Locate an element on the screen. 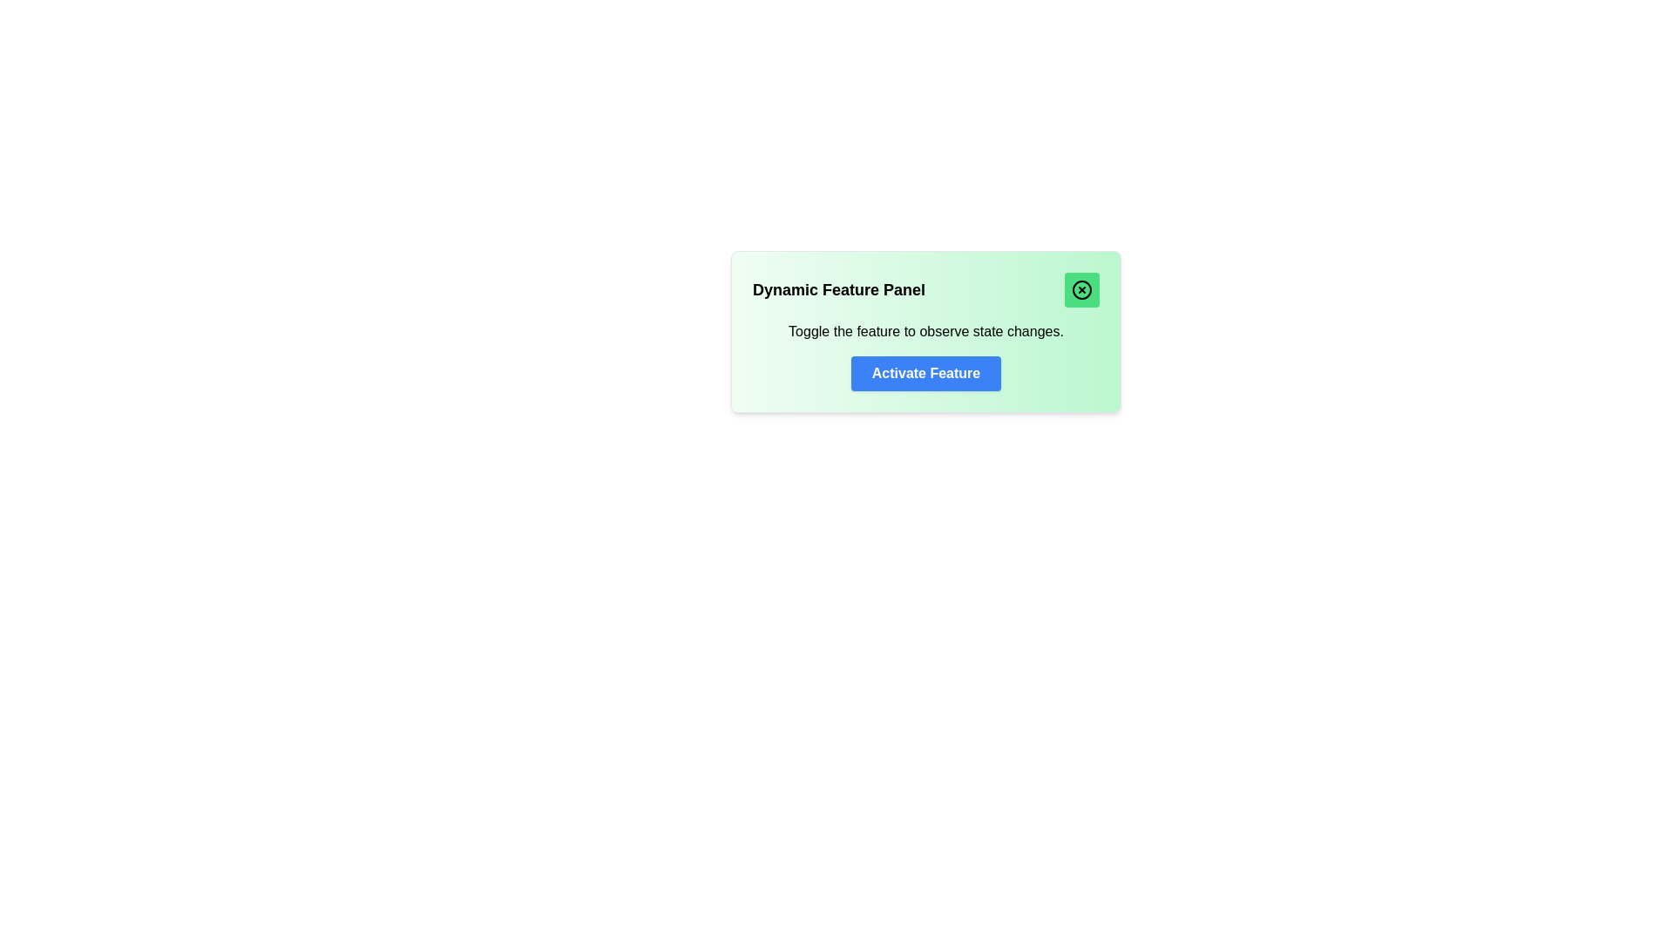 The image size is (1673, 941). the 'Activate Feature' button, which is a rectangular button with rounded corners and a blue background, located within the 'Dynamic Feature Panel' below the text 'Toggle the feature to observe state changes.' is located at coordinates (925, 372).